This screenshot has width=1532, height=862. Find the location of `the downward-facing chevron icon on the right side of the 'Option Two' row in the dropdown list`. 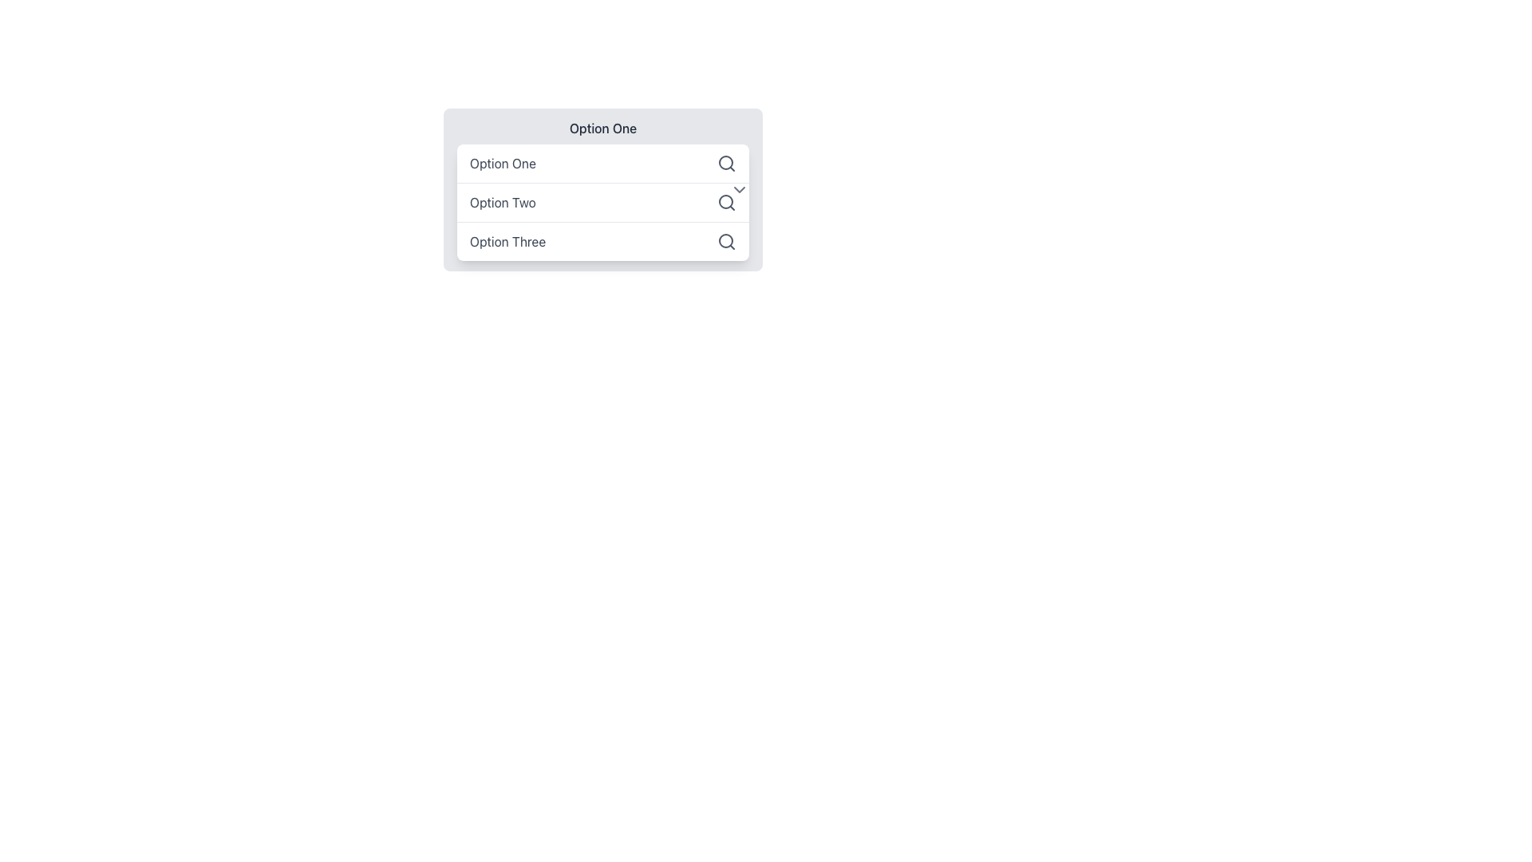

the downward-facing chevron icon on the right side of the 'Option Two' row in the dropdown list is located at coordinates (738, 189).